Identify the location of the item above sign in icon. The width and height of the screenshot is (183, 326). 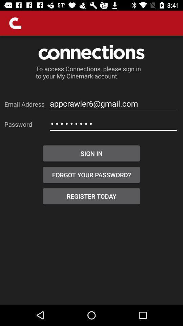
(113, 123).